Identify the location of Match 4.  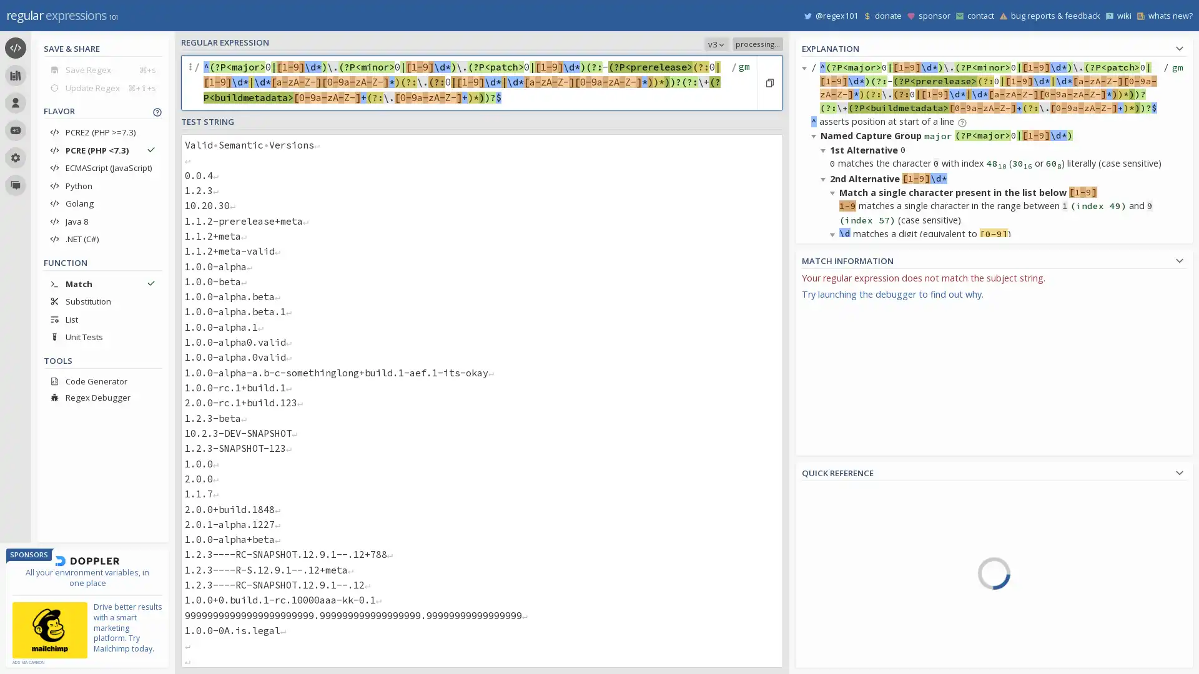
(857, 593).